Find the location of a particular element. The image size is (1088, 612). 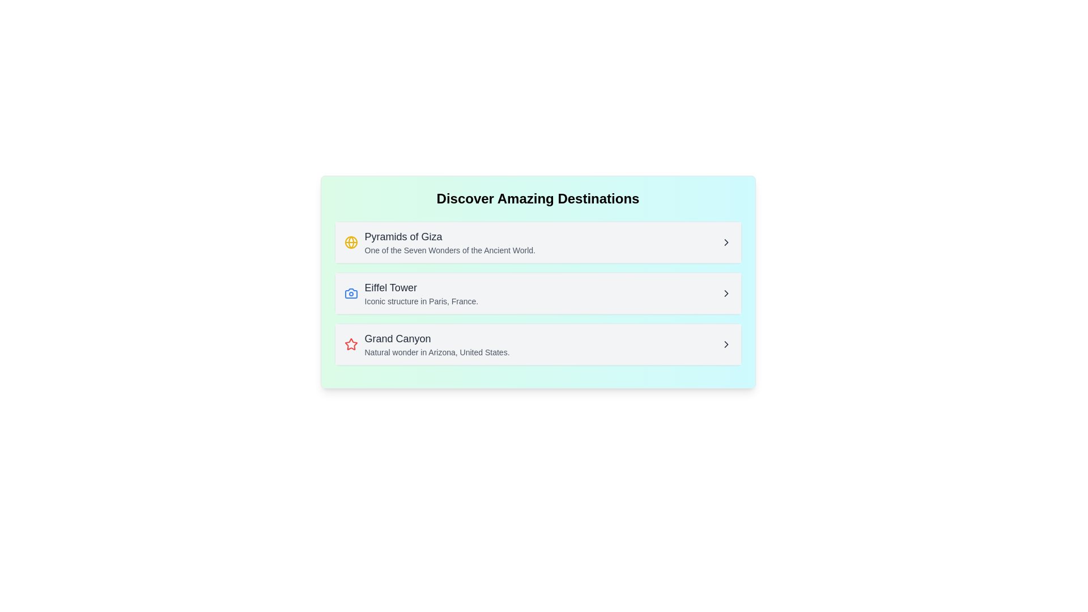

the Text Label that provides descriptive information about the associated title, located below the 'Grand Canyon' title in the third list item of the vertical collection is located at coordinates (436, 351).